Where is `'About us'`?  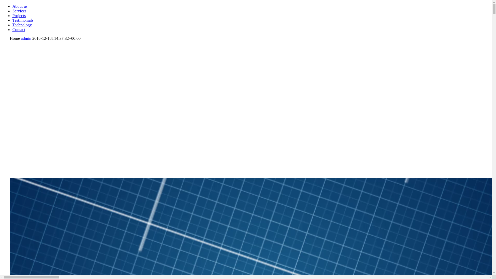 'About us' is located at coordinates (20, 6).